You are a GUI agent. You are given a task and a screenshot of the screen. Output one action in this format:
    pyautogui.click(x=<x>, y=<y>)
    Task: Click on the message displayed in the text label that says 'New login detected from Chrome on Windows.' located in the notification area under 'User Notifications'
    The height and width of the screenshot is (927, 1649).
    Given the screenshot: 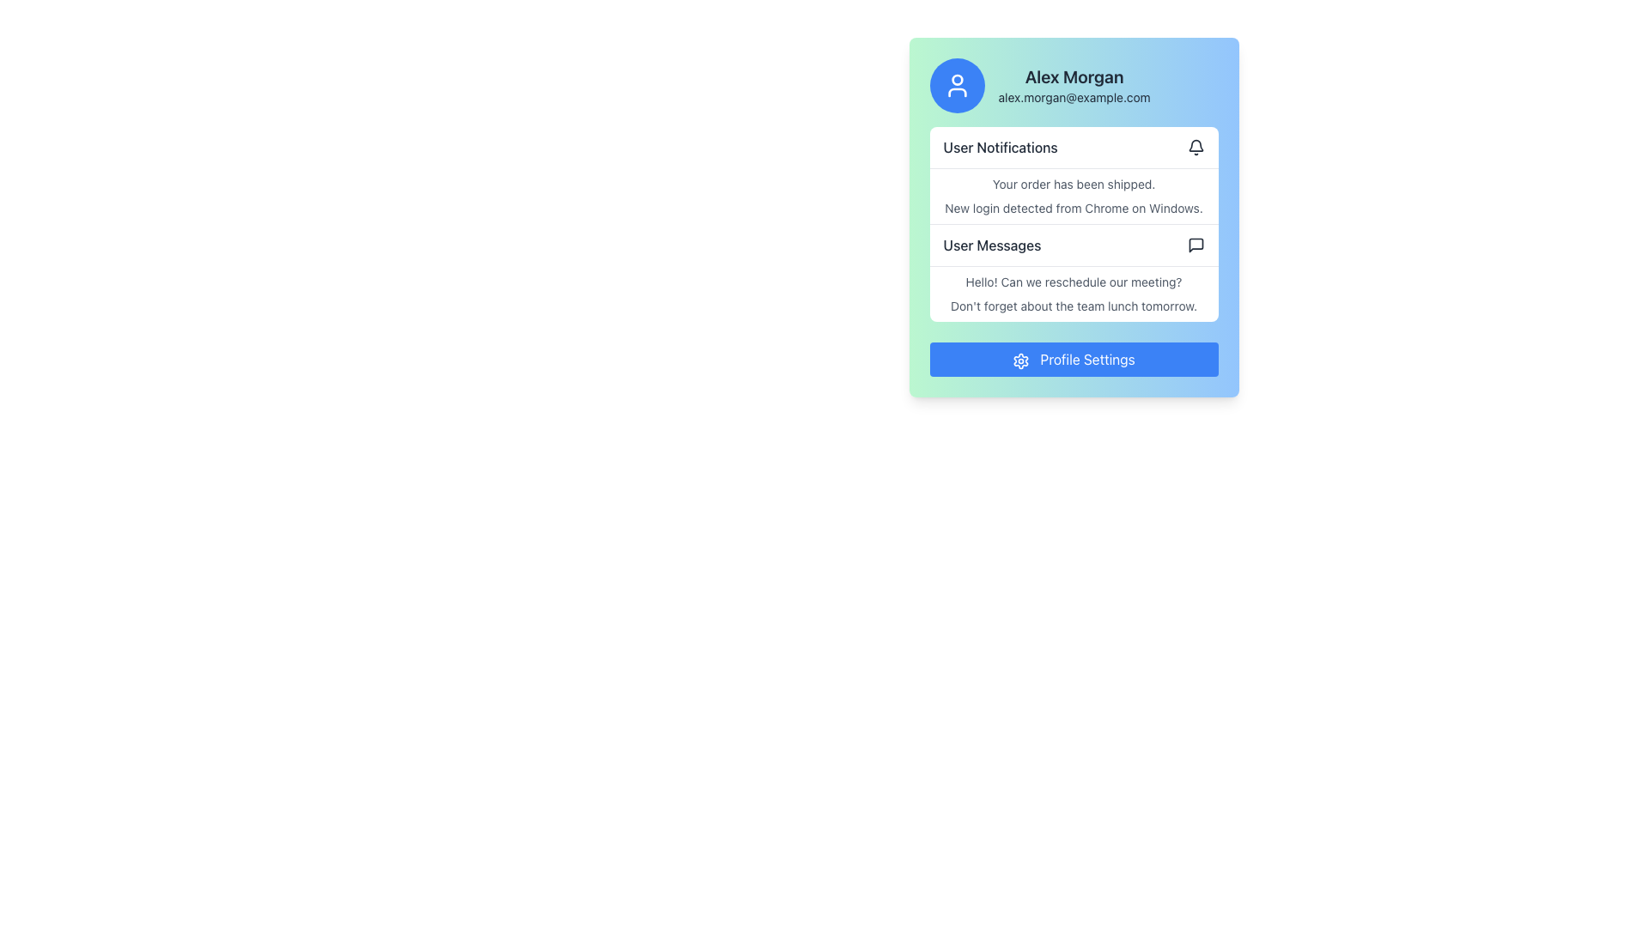 What is the action you would take?
    pyautogui.click(x=1073, y=208)
    